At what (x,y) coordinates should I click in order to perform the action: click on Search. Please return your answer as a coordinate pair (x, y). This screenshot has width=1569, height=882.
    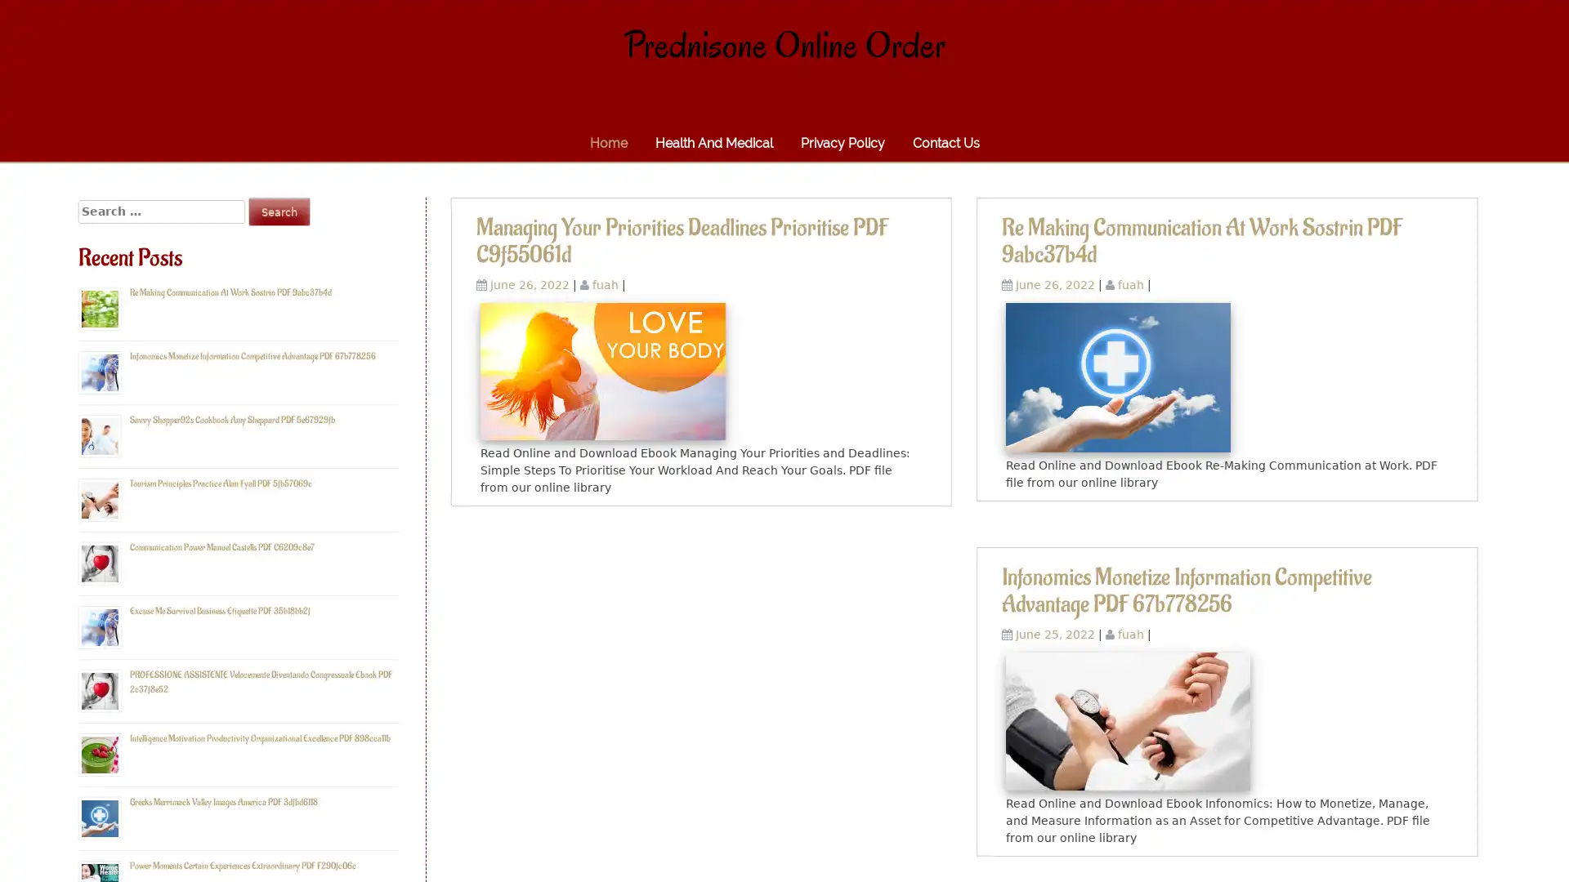
    Looking at the image, I should click on (279, 211).